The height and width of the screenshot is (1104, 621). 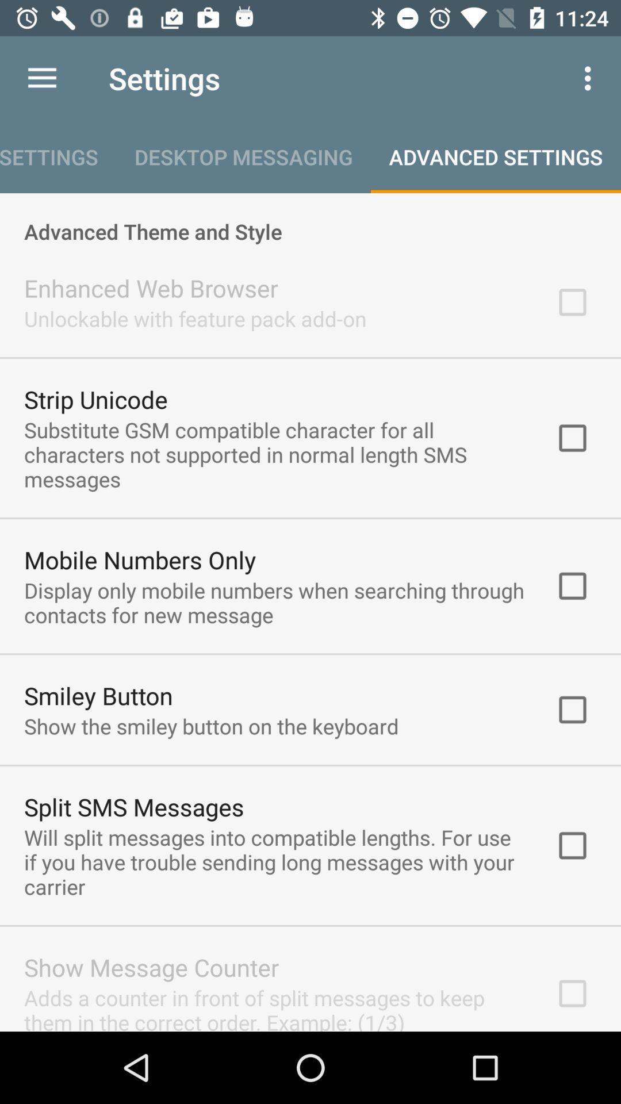 What do you see at coordinates (274, 1007) in the screenshot?
I see `the adds a counter icon` at bounding box center [274, 1007].